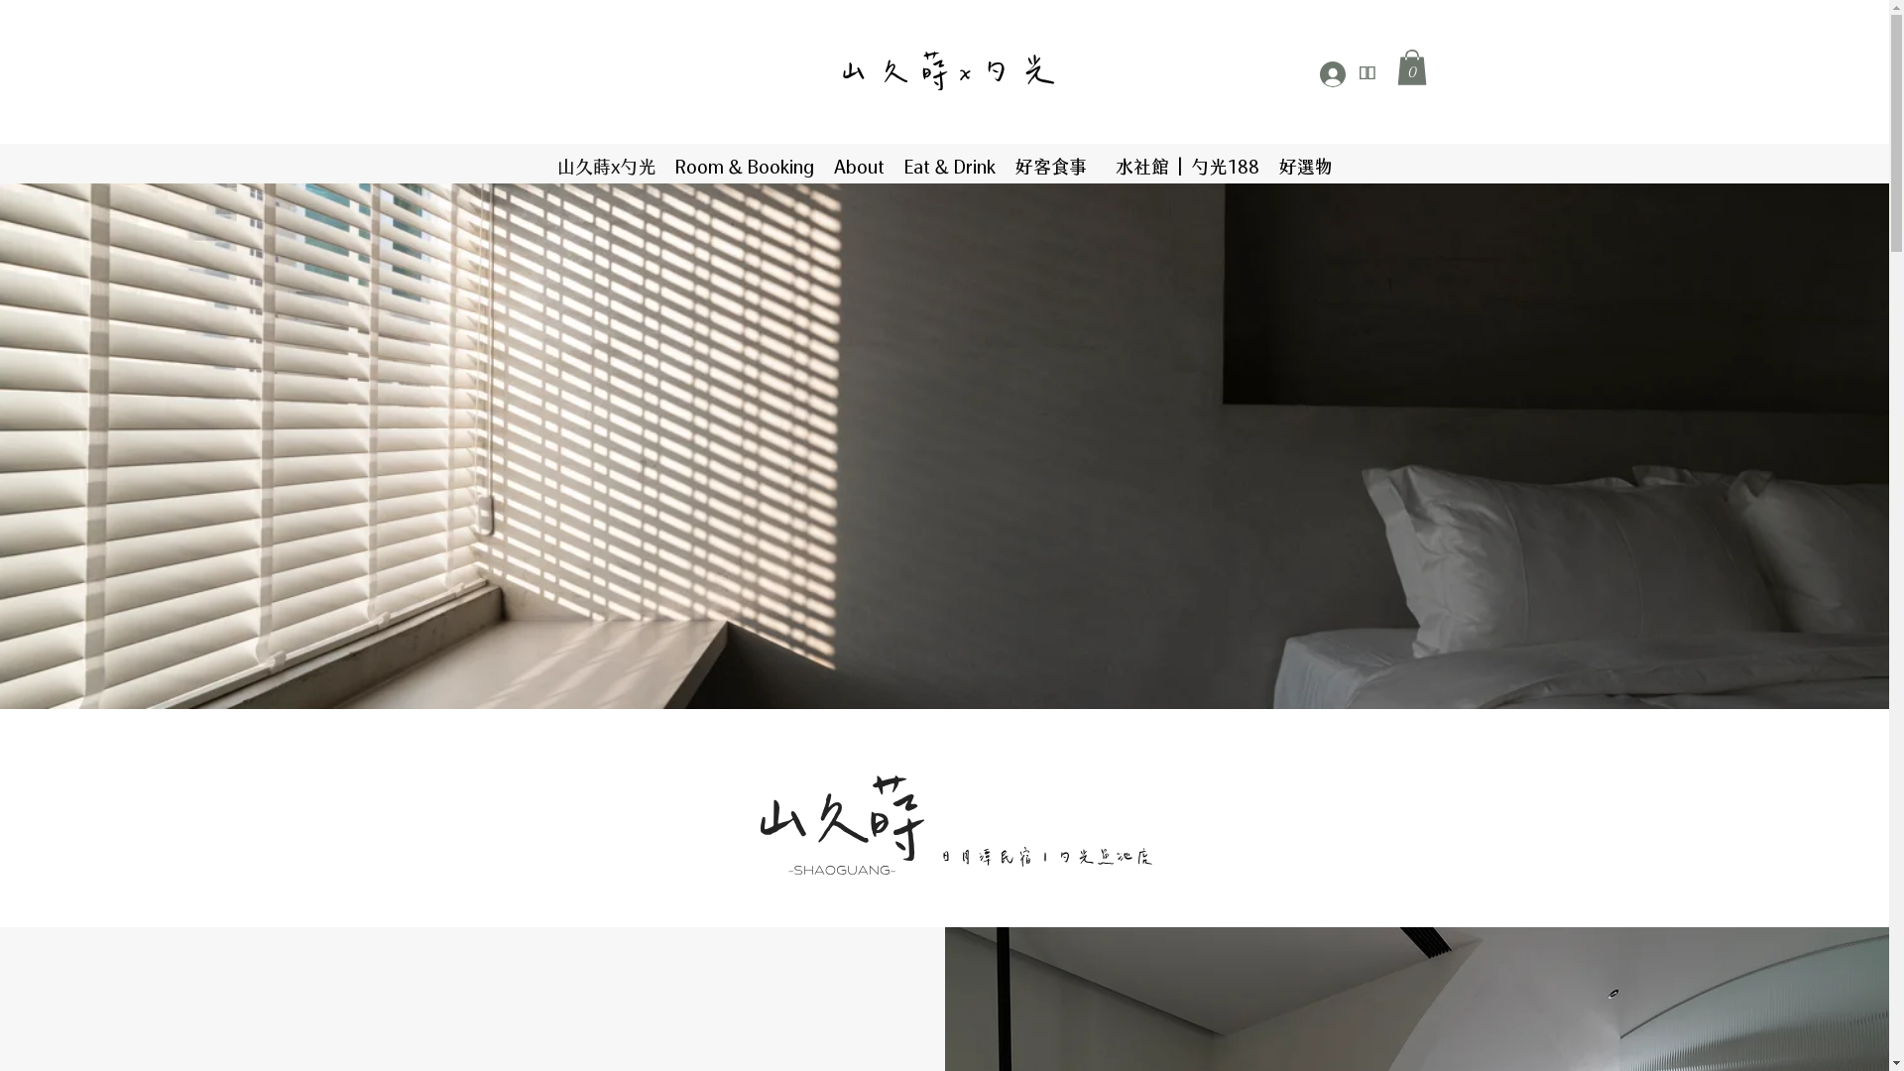  Describe the element at coordinates (949, 163) in the screenshot. I see `'Eat & Drink'` at that location.